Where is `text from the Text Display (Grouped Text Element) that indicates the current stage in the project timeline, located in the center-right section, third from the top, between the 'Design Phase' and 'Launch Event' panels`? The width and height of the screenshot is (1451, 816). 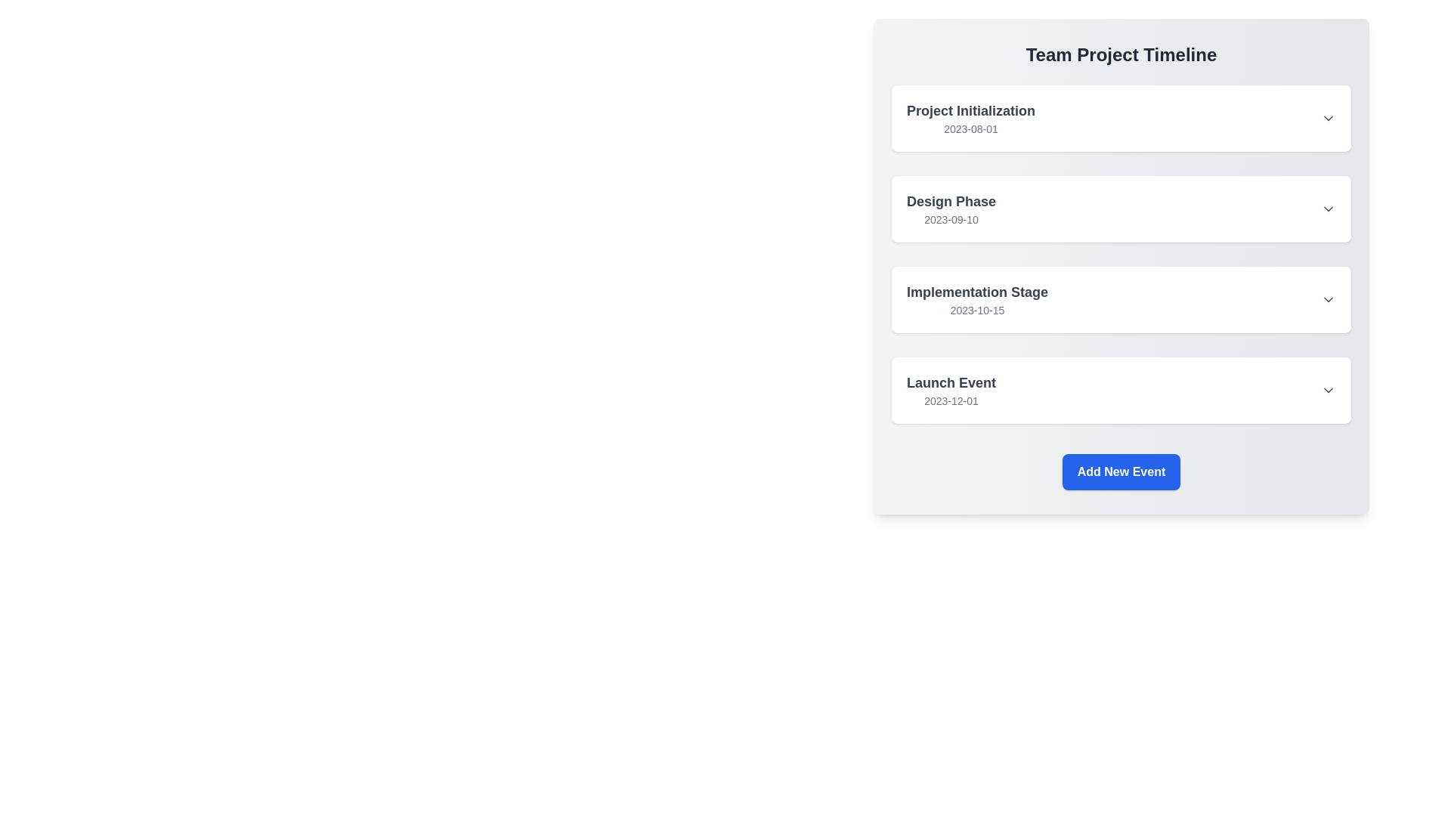 text from the Text Display (Grouped Text Element) that indicates the current stage in the project timeline, located in the center-right section, third from the top, between the 'Design Phase' and 'Launch Event' panels is located at coordinates (977, 300).